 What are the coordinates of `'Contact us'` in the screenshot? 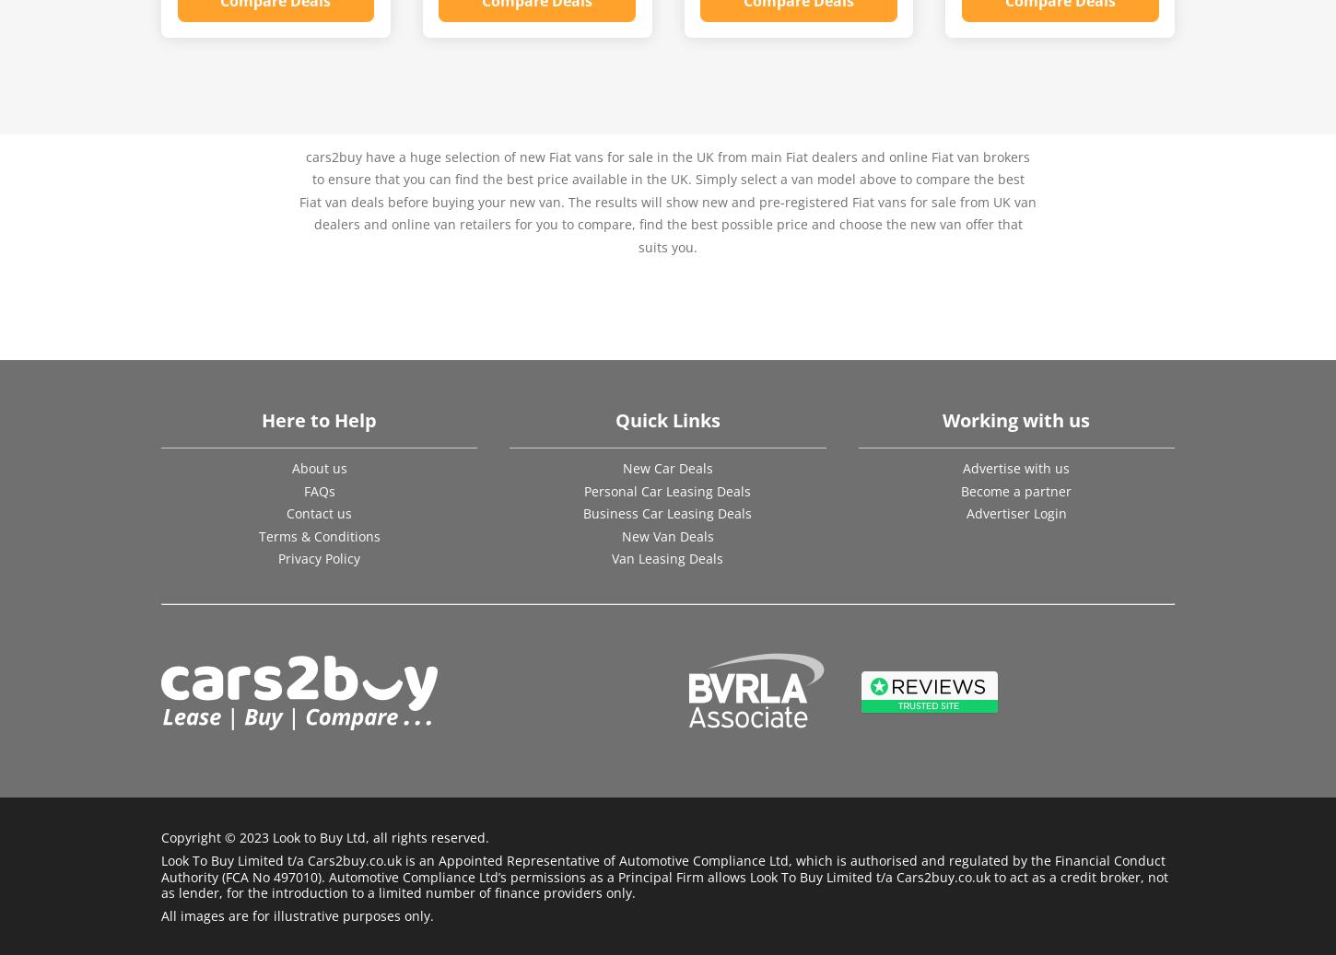 It's located at (319, 513).